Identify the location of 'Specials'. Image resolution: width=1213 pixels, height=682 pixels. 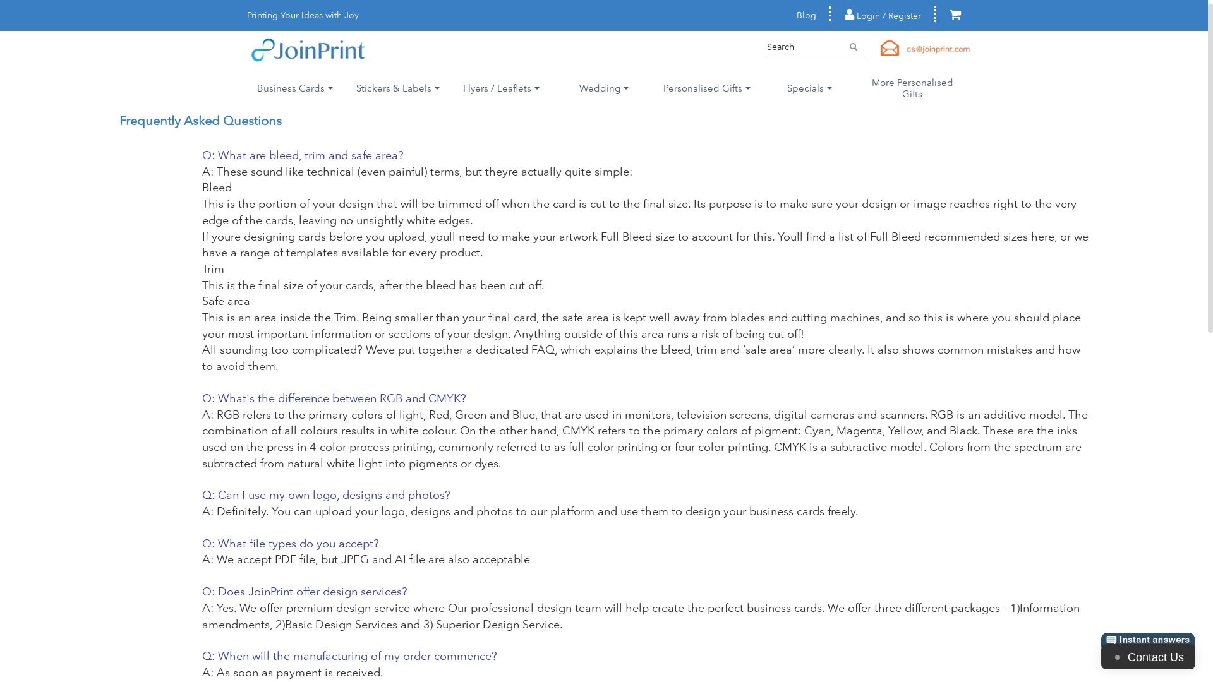
(809, 87).